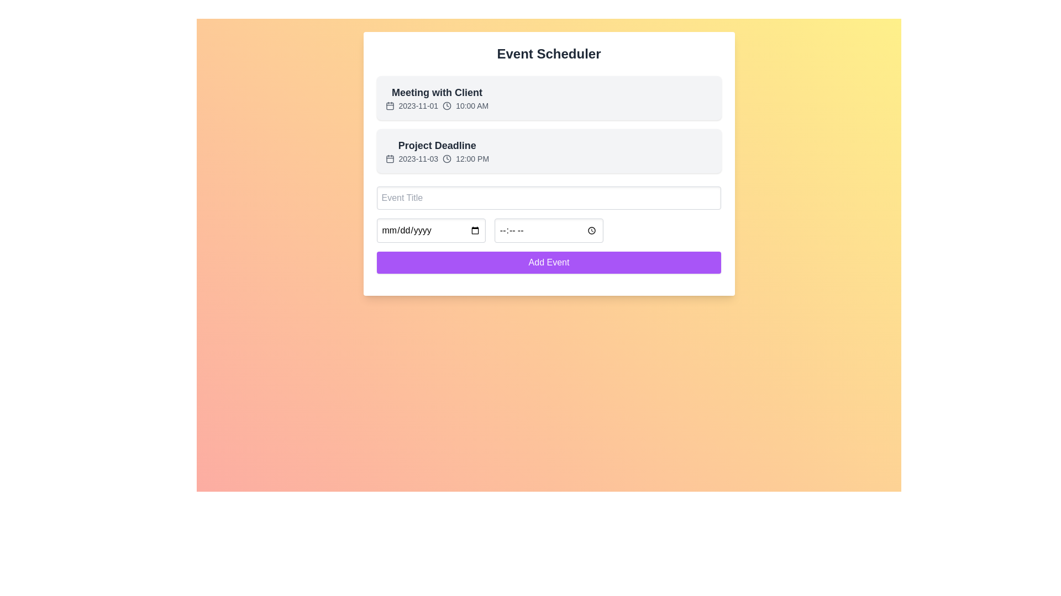 The height and width of the screenshot is (596, 1061). Describe the element at coordinates (390, 106) in the screenshot. I see `the calendar icon located next to the date '2023-11-01' in the 'Meeting with Client' list entry` at that location.